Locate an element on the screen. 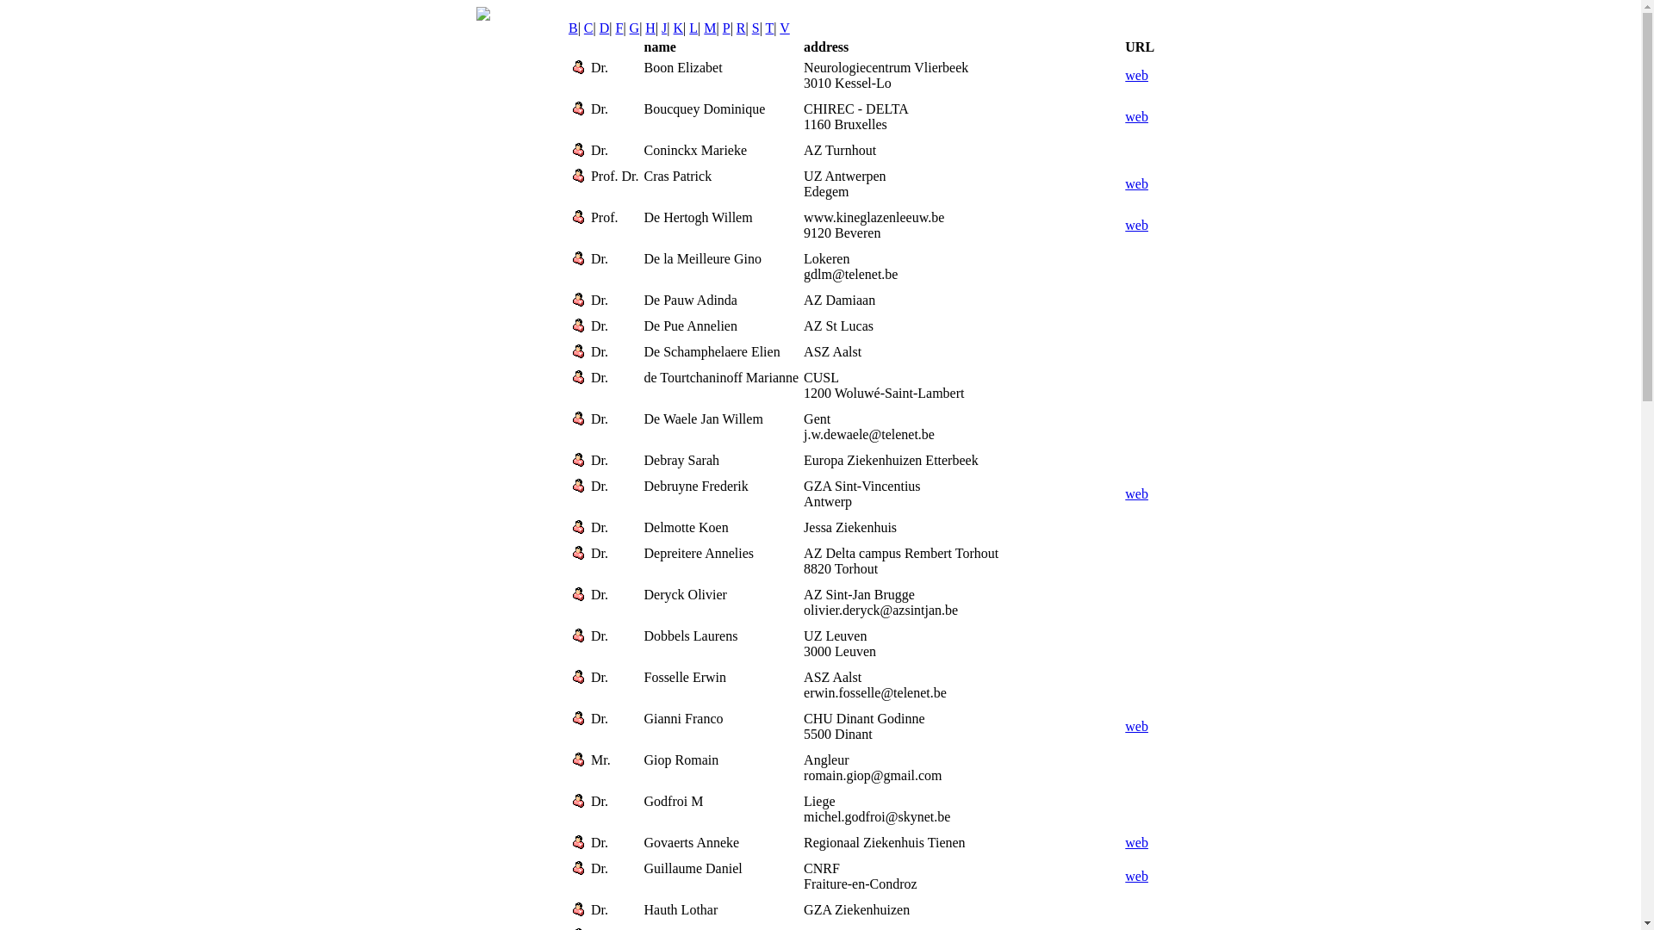 The image size is (1654, 930). 'F' is located at coordinates (619, 28).